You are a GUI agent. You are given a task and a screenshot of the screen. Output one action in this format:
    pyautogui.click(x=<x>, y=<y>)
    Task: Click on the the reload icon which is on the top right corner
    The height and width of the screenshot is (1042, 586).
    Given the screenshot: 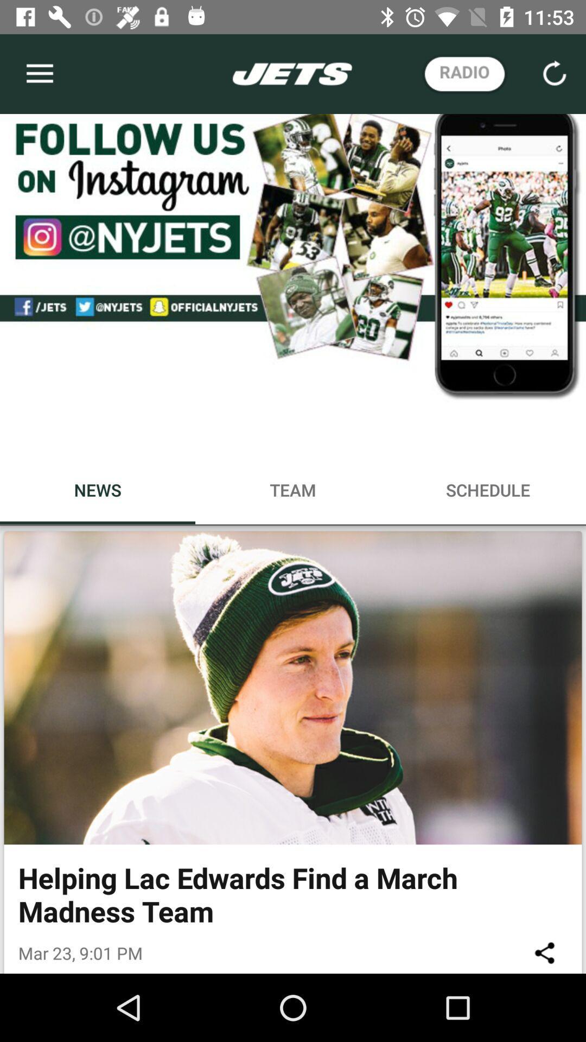 What is the action you would take?
    pyautogui.click(x=555, y=74)
    